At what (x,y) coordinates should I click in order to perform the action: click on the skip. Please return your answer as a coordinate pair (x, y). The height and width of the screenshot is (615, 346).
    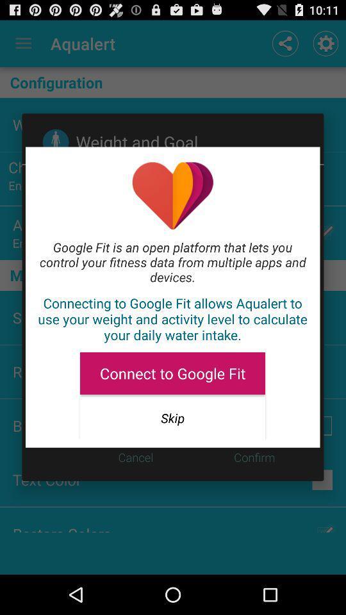
    Looking at the image, I should click on (172, 417).